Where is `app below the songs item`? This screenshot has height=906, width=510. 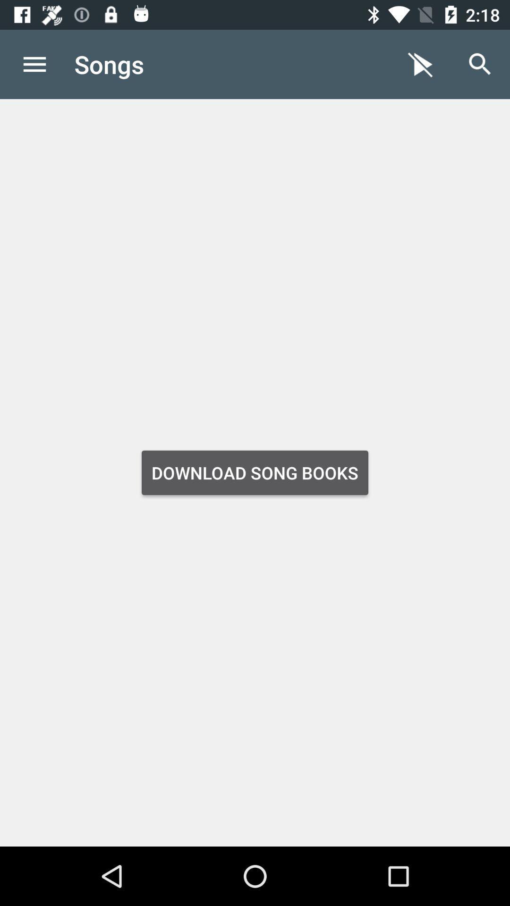 app below the songs item is located at coordinates (255, 473).